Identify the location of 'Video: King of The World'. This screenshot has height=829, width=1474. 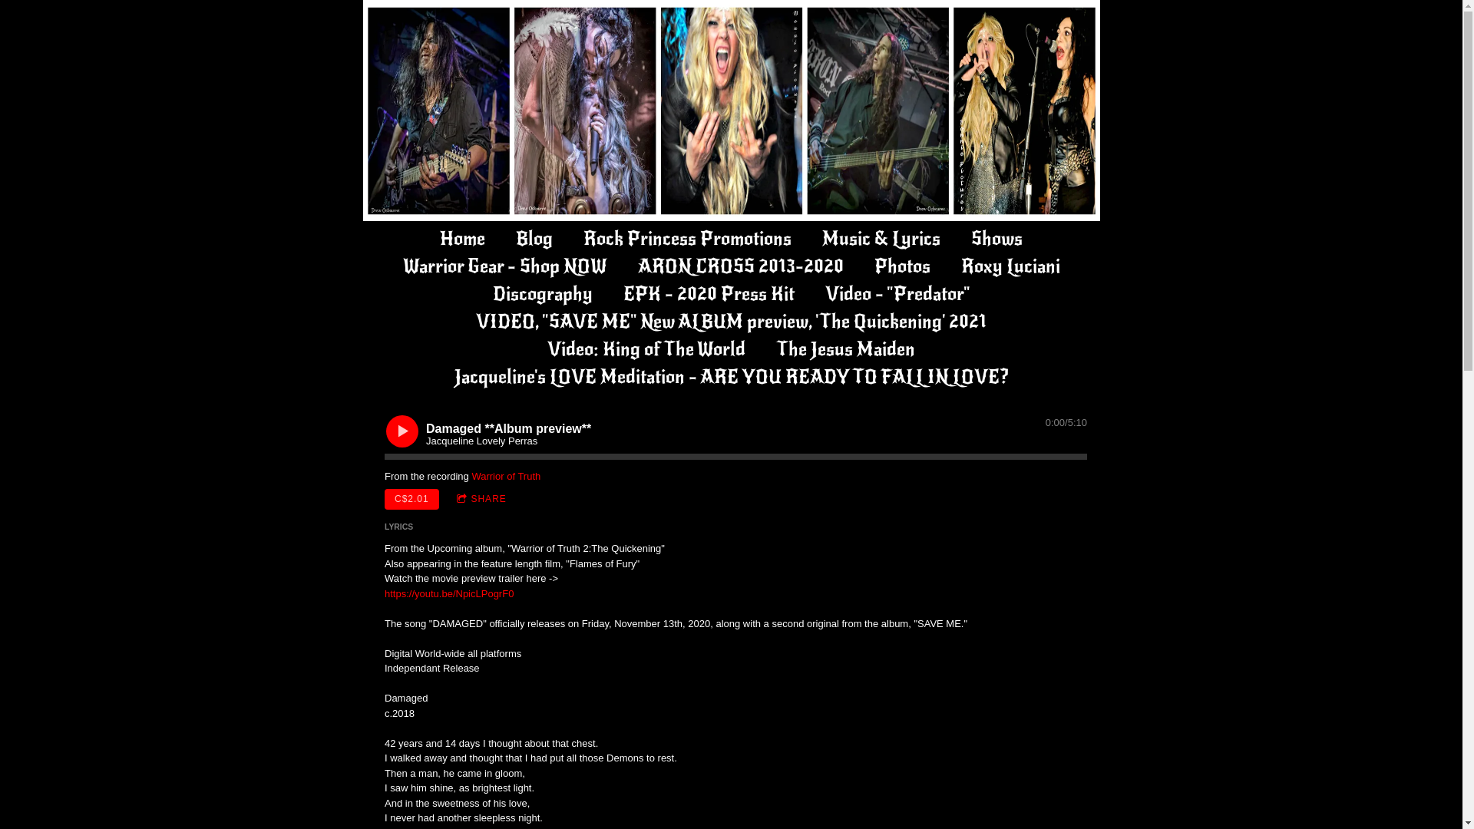
(646, 349).